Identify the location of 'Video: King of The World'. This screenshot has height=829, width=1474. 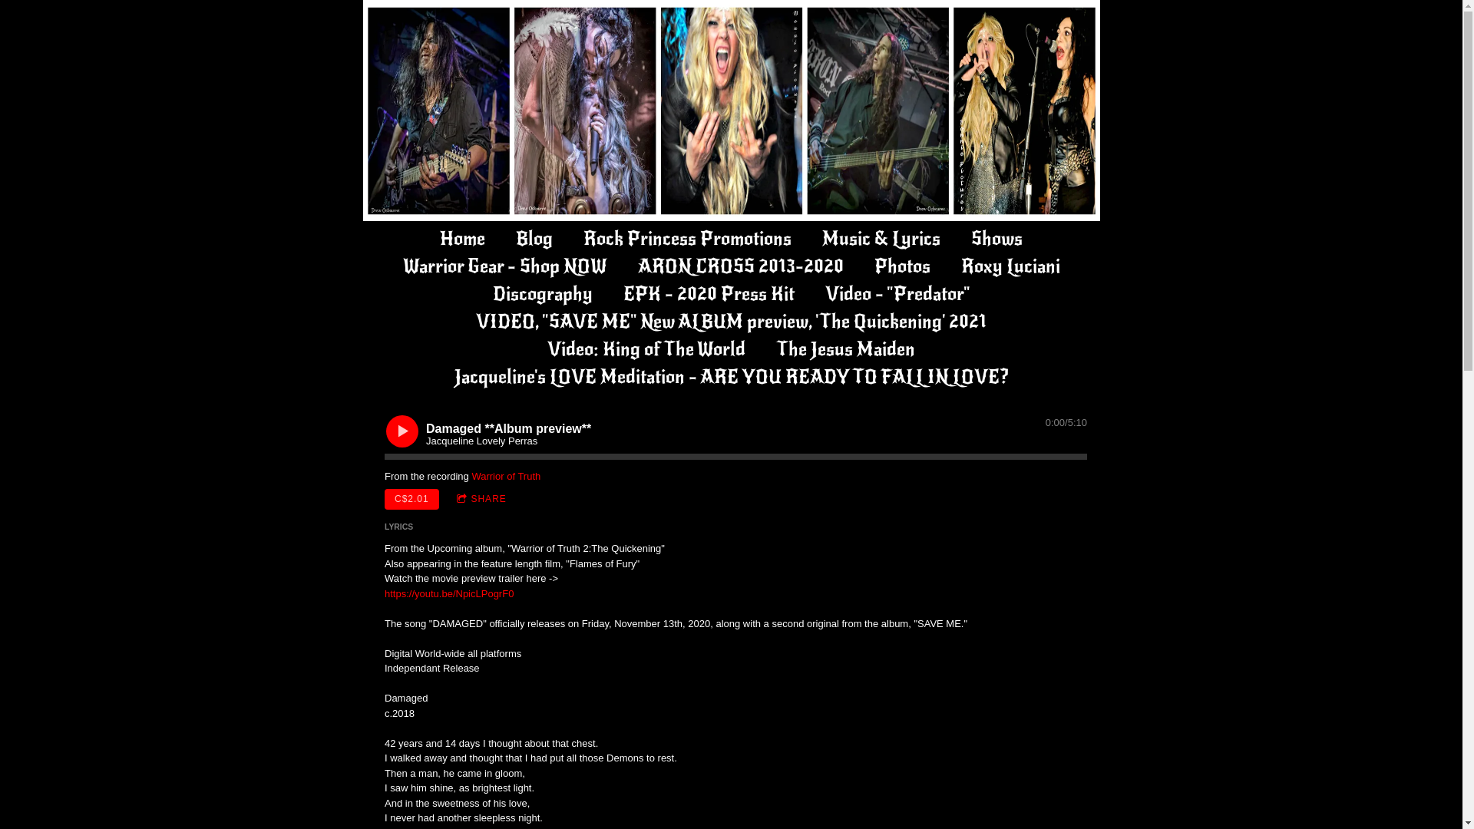
(646, 349).